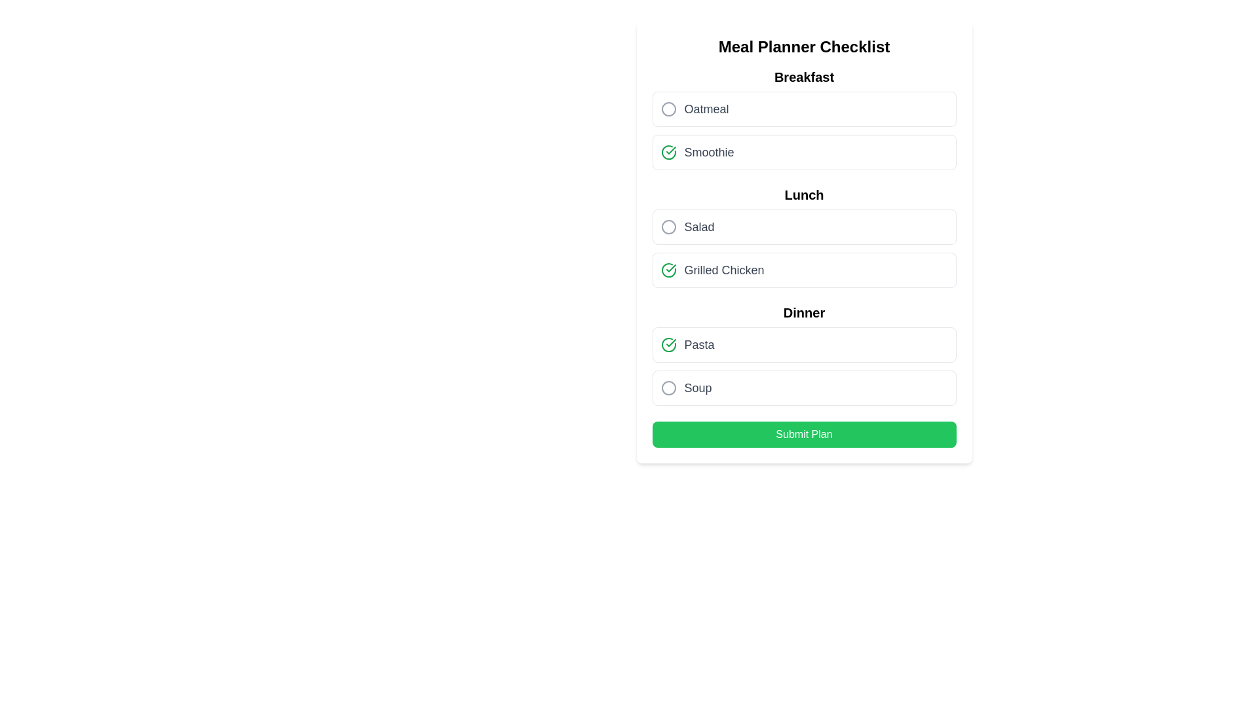 This screenshot has height=707, width=1258. Describe the element at coordinates (668, 227) in the screenshot. I see `the first circular icon outlined in gray within the 'Salad' group under the 'Lunch' section in the meal checklist UI` at that location.